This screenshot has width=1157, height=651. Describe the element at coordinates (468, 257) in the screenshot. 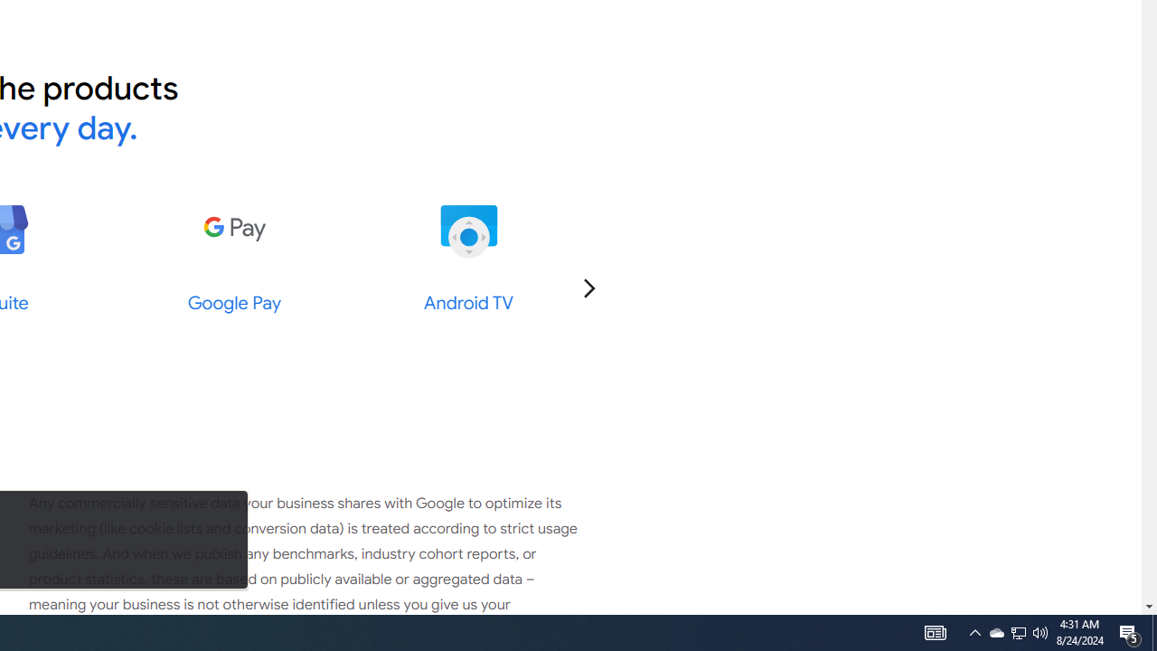

I see `'Android TV Android TV'` at that location.